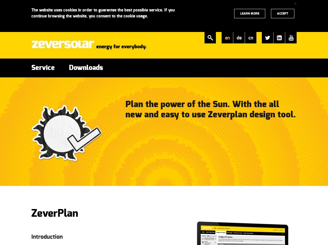 Image resolution: width=328 pixels, height=245 pixels. What do you see at coordinates (295, 4) in the screenshot?
I see `'>'` at bounding box center [295, 4].